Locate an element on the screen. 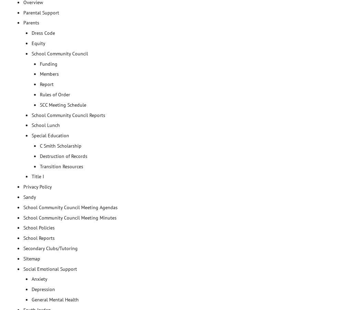 The height and width of the screenshot is (310, 361). 'SCC Meeting Schedule' is located at coordinates (63, 104).